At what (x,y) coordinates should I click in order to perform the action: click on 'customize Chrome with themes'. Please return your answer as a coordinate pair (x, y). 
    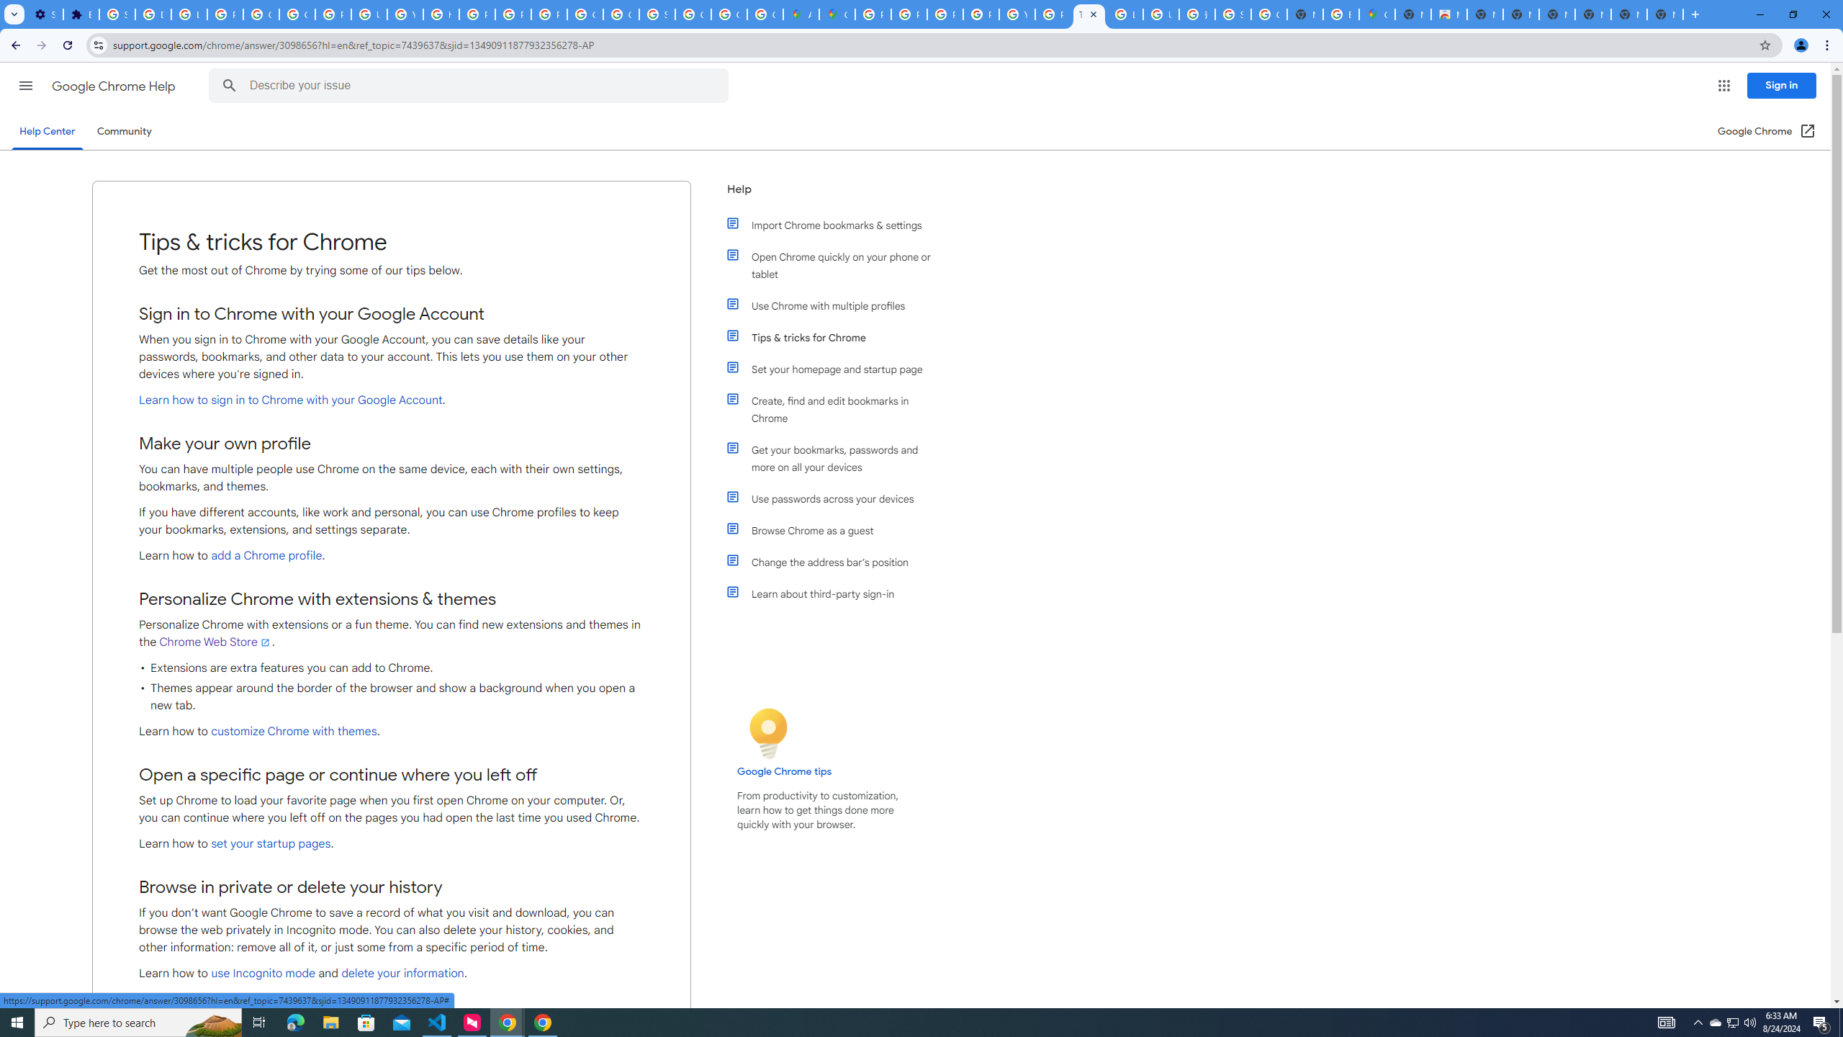
    Looking at the image, I should click on (293, 730).